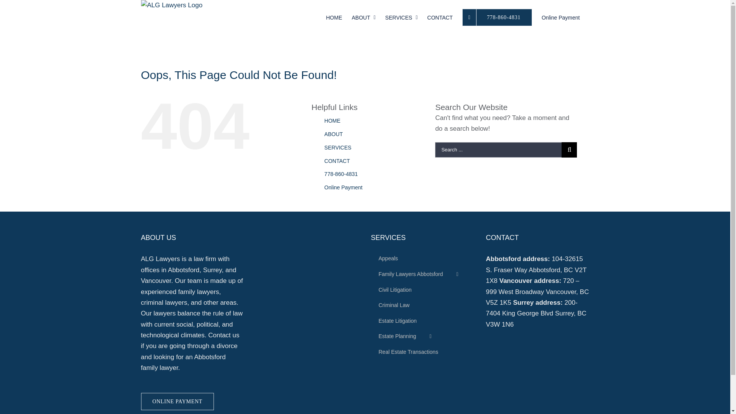  What do you see at coordinates (363, 17) in the screenshot?
I see `'ABOUT'` at bounding box center [363, 17].